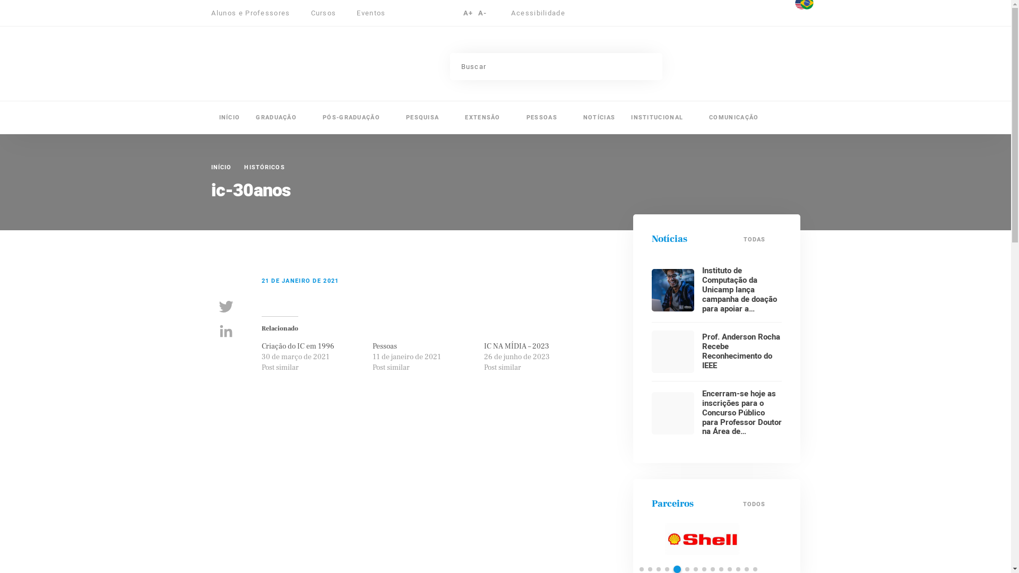  I want to click on 'Compartilhar por E-mail', so click(226, 355).